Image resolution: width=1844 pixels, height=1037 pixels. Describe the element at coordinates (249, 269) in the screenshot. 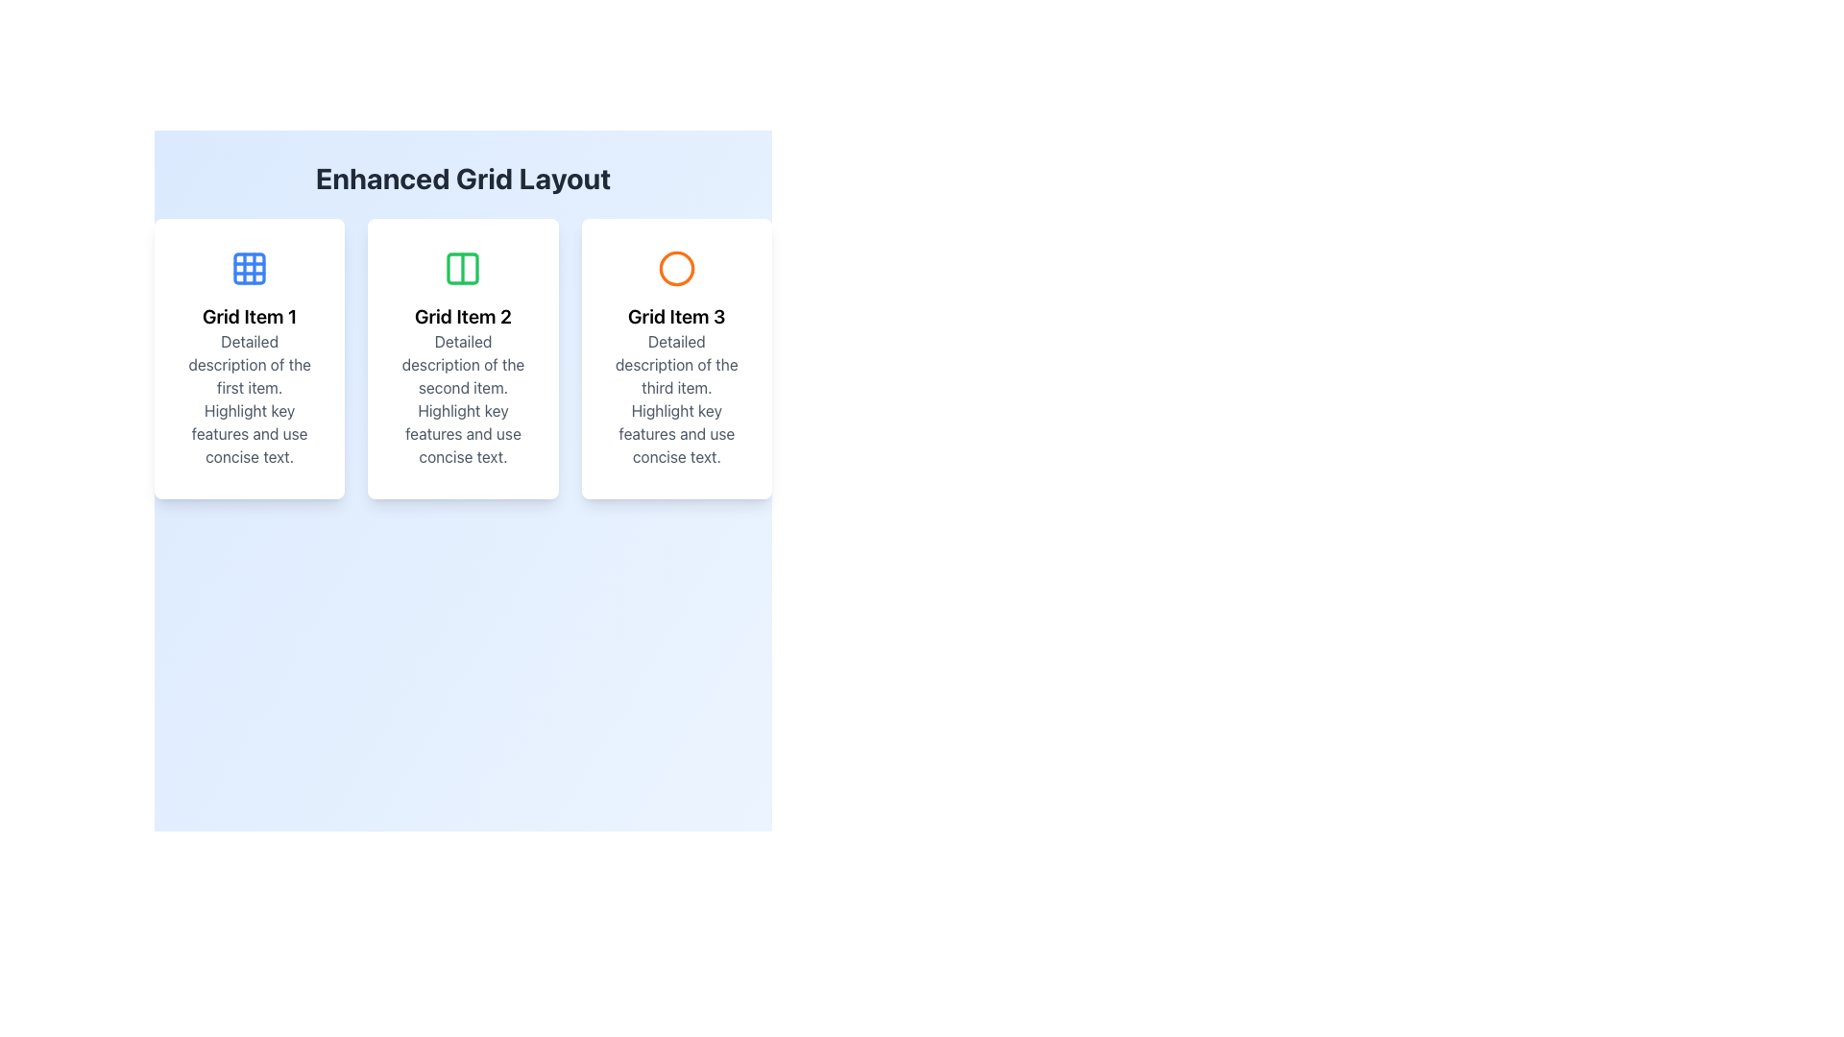

I see `the grid icon, which is a blue 3x3 arrangement of small squares located at the top of the leftmost card, directly above the 'Grid Item 1' title` at that location.